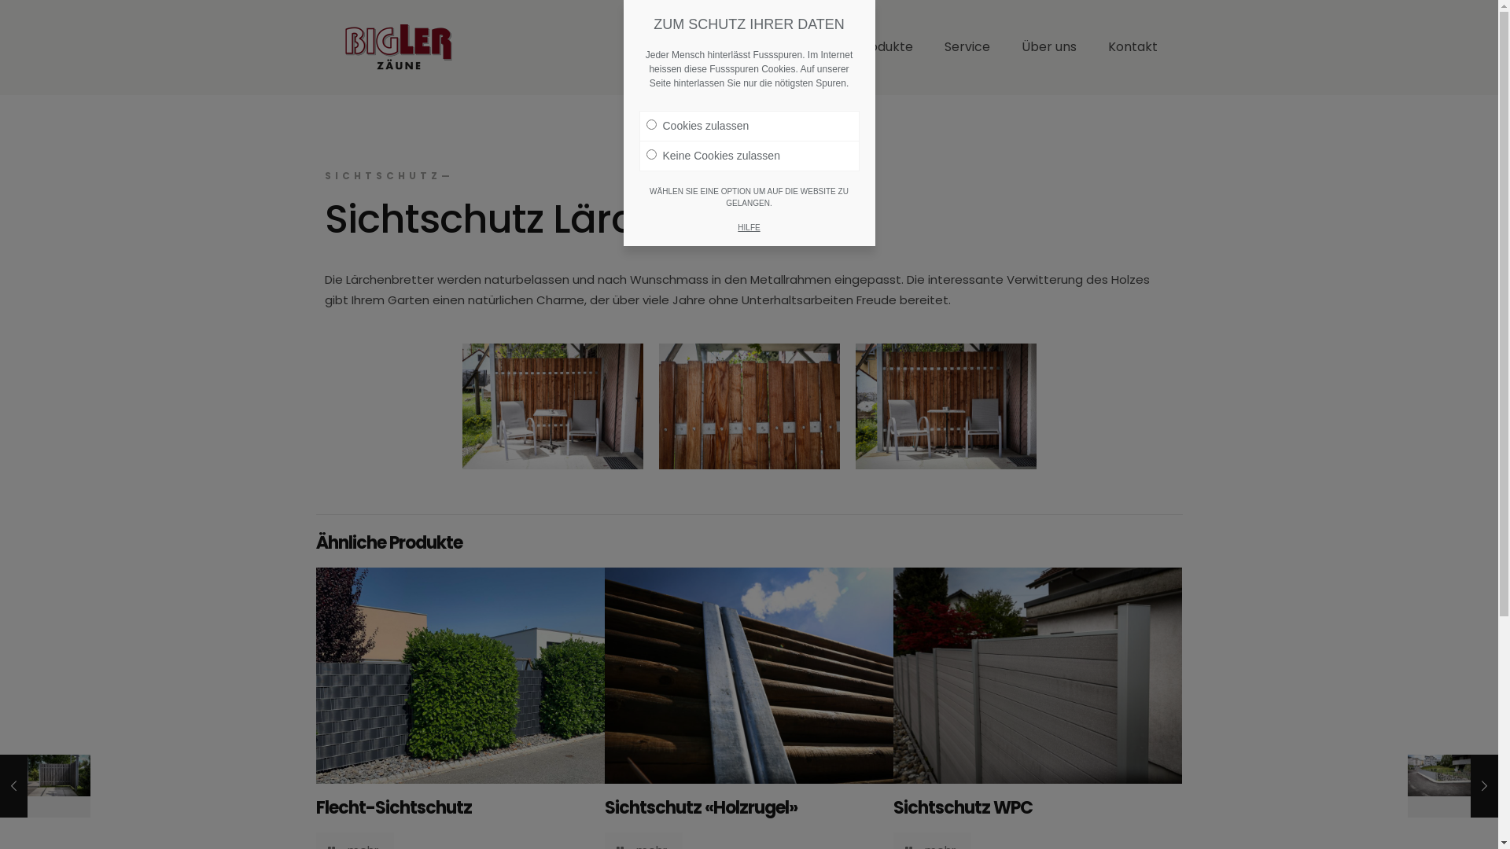 The width and height of the screenshot is (1510, 849). I want to click on 'Flecht-Sichtschutz', so click(393, 807).